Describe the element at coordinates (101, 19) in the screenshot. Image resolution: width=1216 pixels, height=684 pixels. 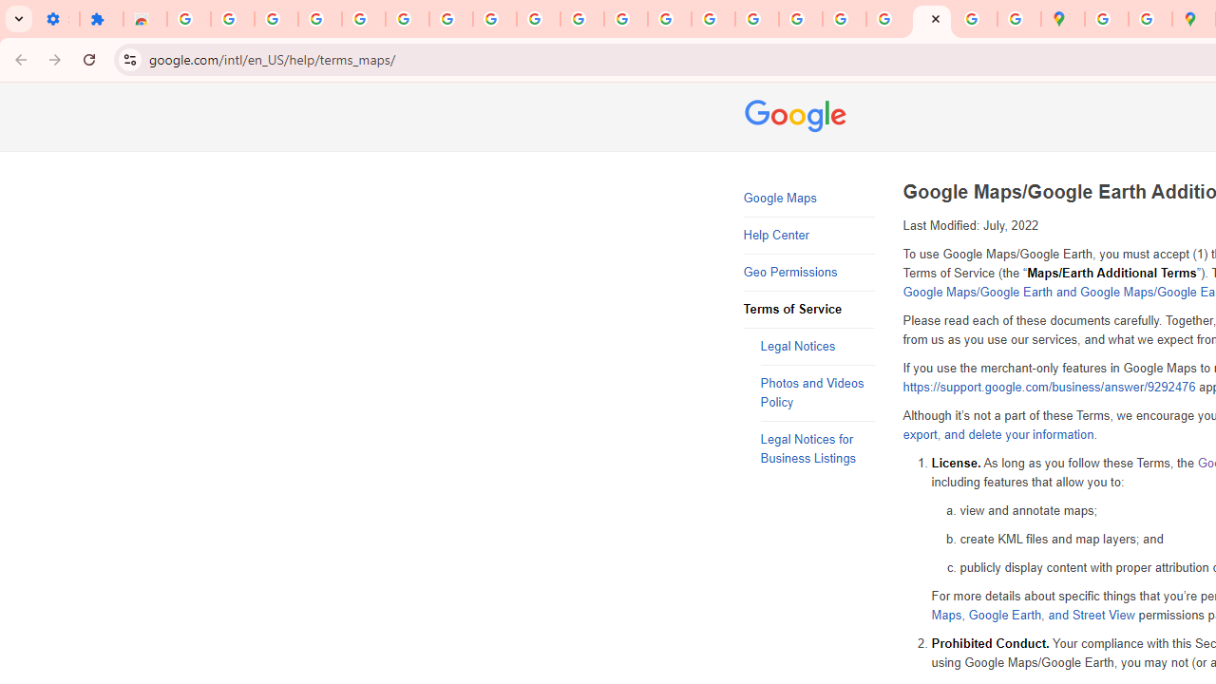
I see `'Extensions'` at that location.